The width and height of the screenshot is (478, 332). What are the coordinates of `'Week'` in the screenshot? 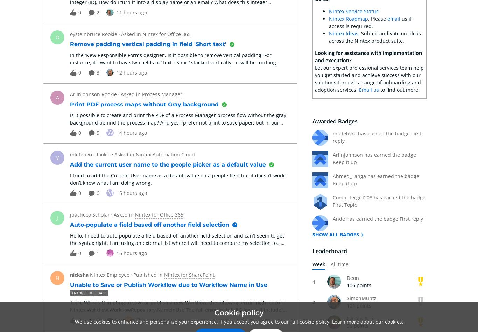 It's located at (318, 264).